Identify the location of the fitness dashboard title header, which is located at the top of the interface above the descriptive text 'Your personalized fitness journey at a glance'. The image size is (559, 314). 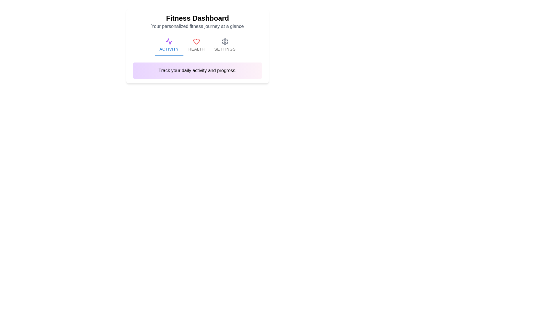
(197, 18).